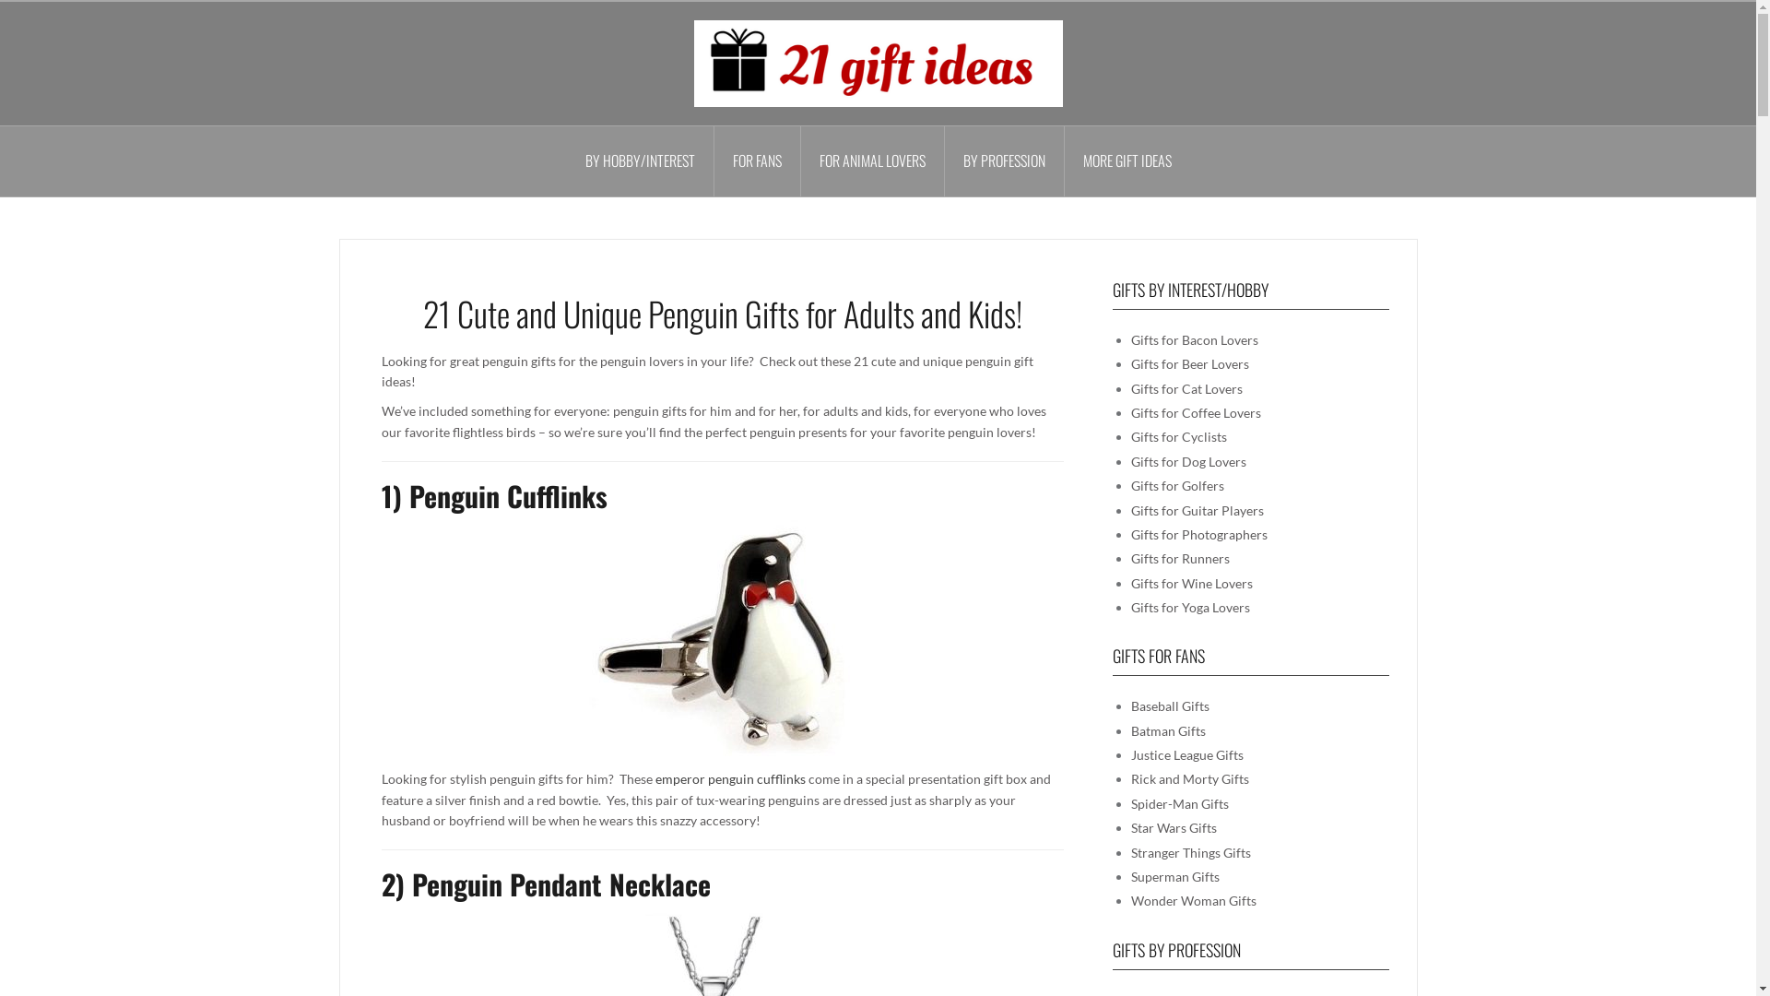 This screenshot has width=1770, height=996. I want to click on '21 Gift Ideas', so click(692, 61).